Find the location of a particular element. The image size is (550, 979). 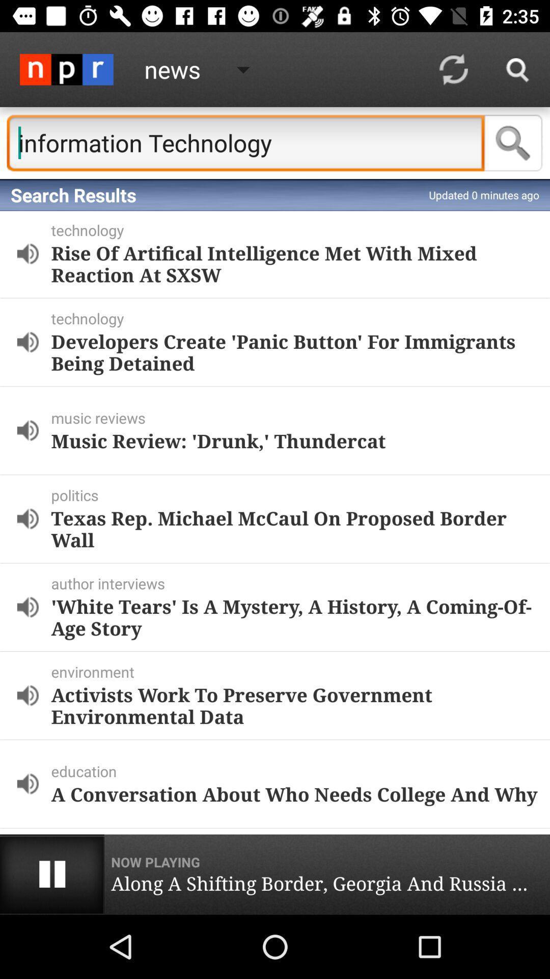

the button on the right next to the logo on the web page is located at coordinates (204, 69).